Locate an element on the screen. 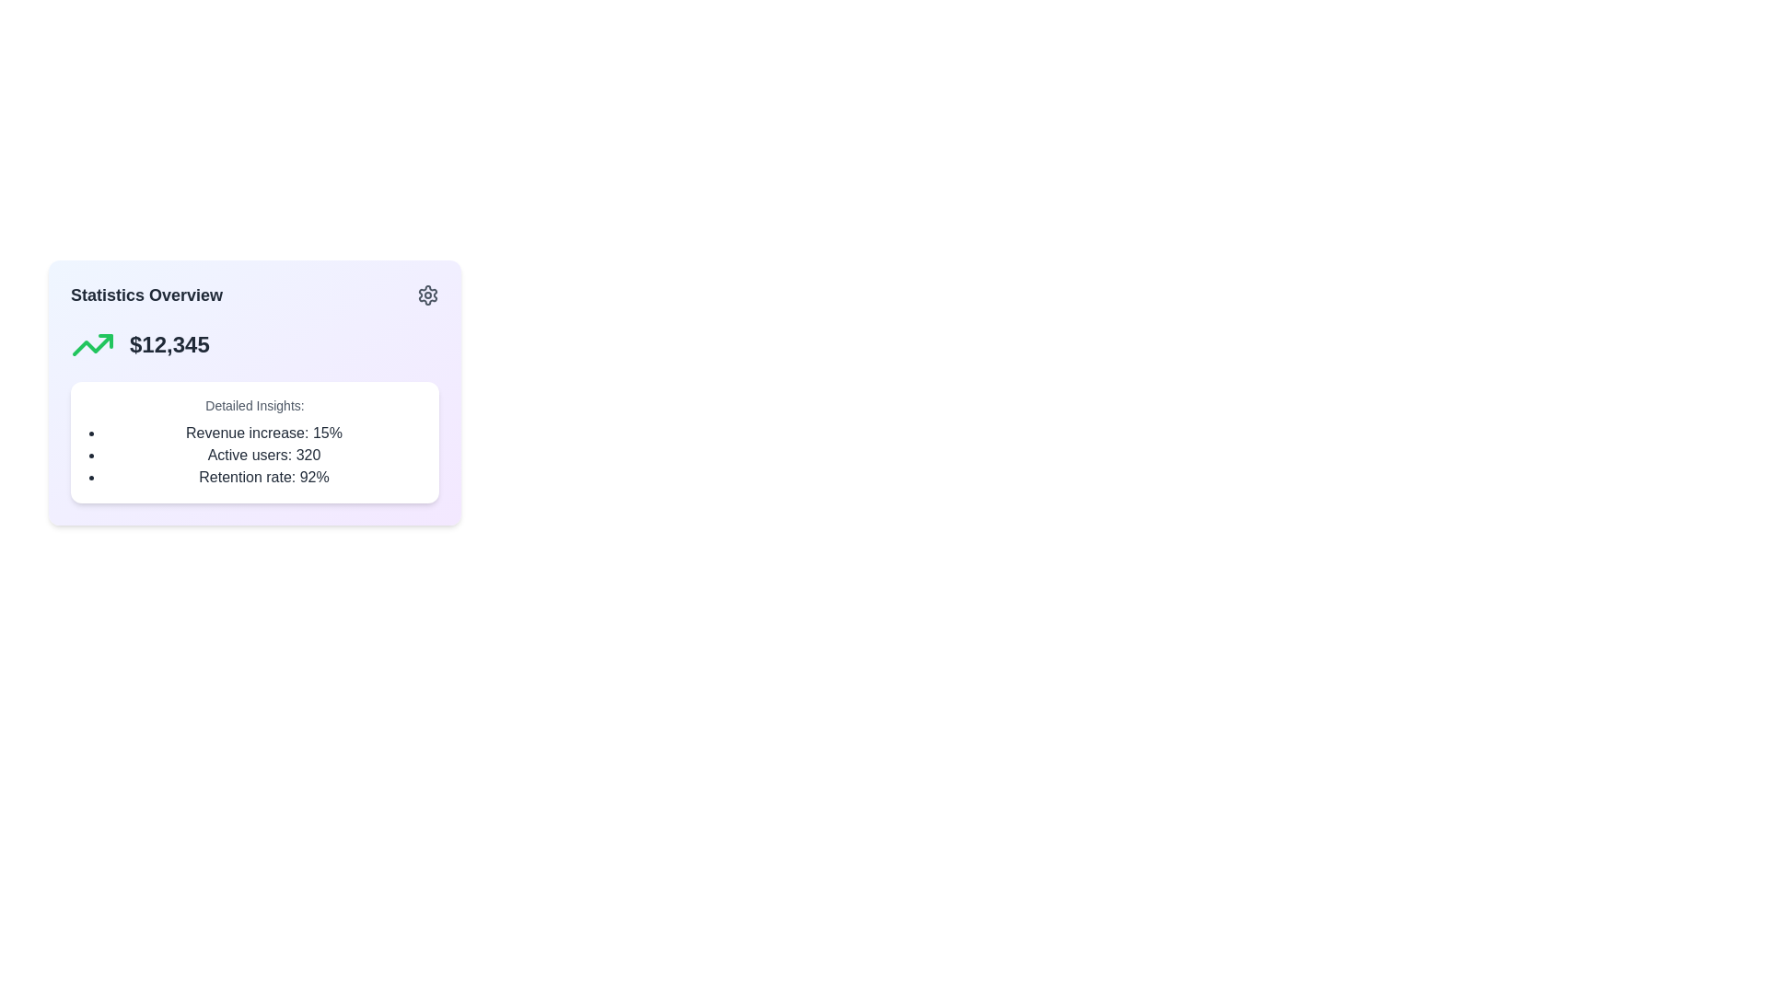 This screenshot has width=1768, height=994. the green upward-trending arrow icon within the 'Statistics Overview' dashboard to interact with it, if it is linked is located at coordinates (91, 344).